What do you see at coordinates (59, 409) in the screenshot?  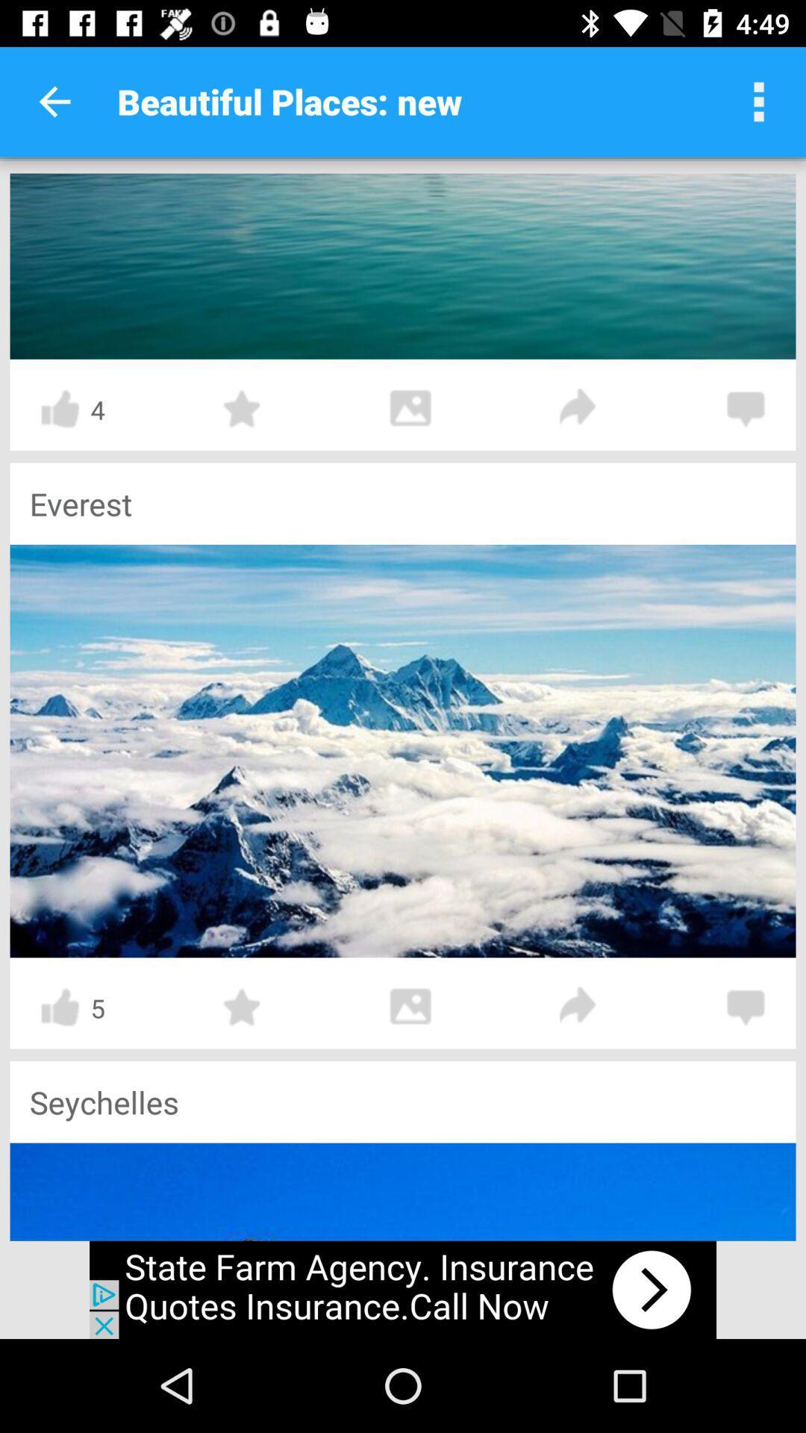 I see `thumbs up` at bounding box center [59, 409].